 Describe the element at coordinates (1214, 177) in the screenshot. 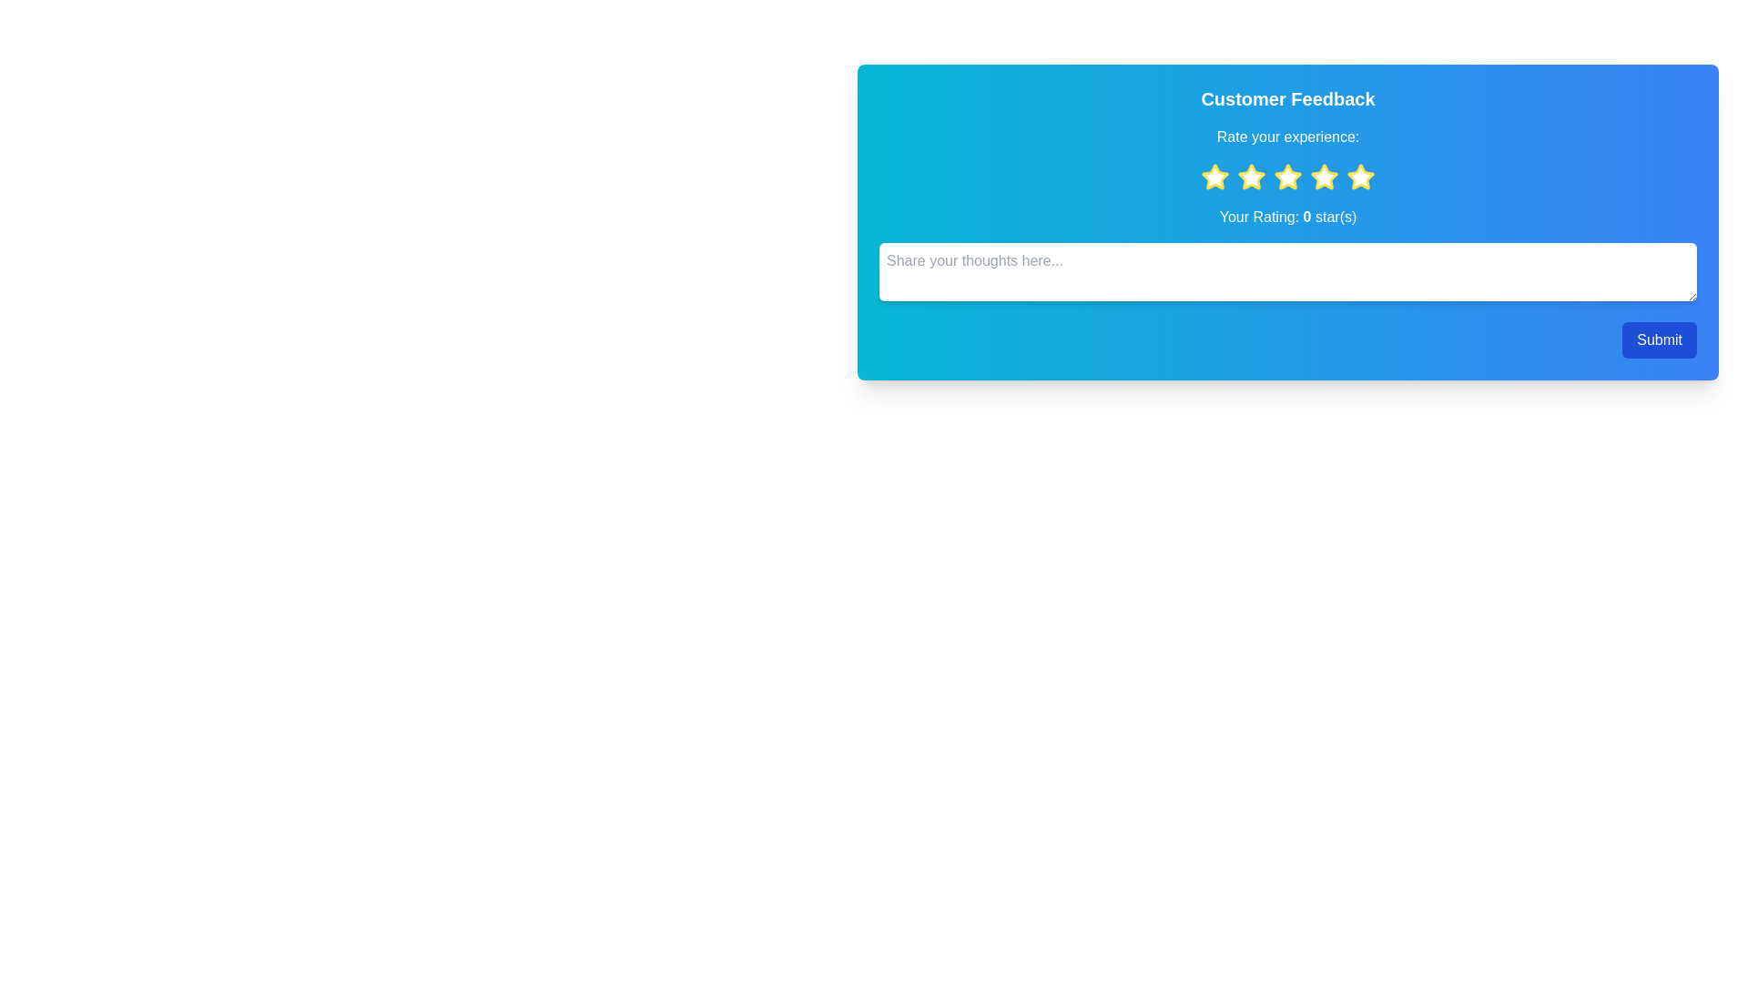

I see `the star corresponding to the desired rating 1` at that location.